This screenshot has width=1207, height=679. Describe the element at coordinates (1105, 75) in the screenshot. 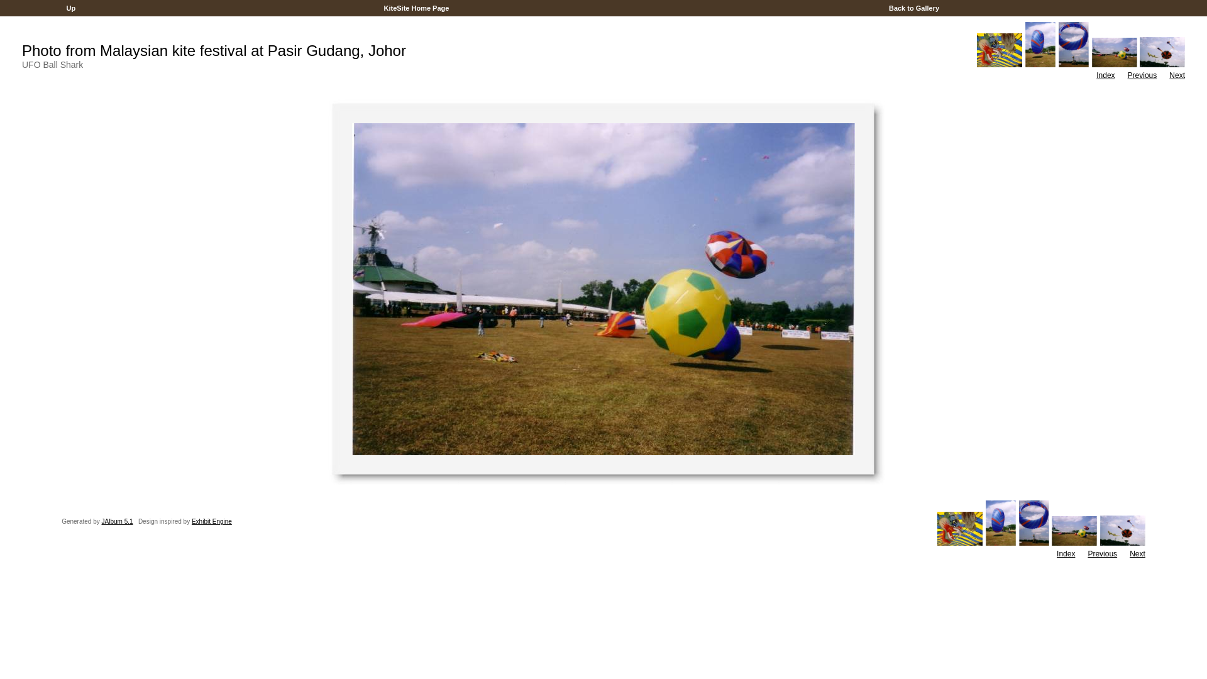

I see `'Index'` at that location.